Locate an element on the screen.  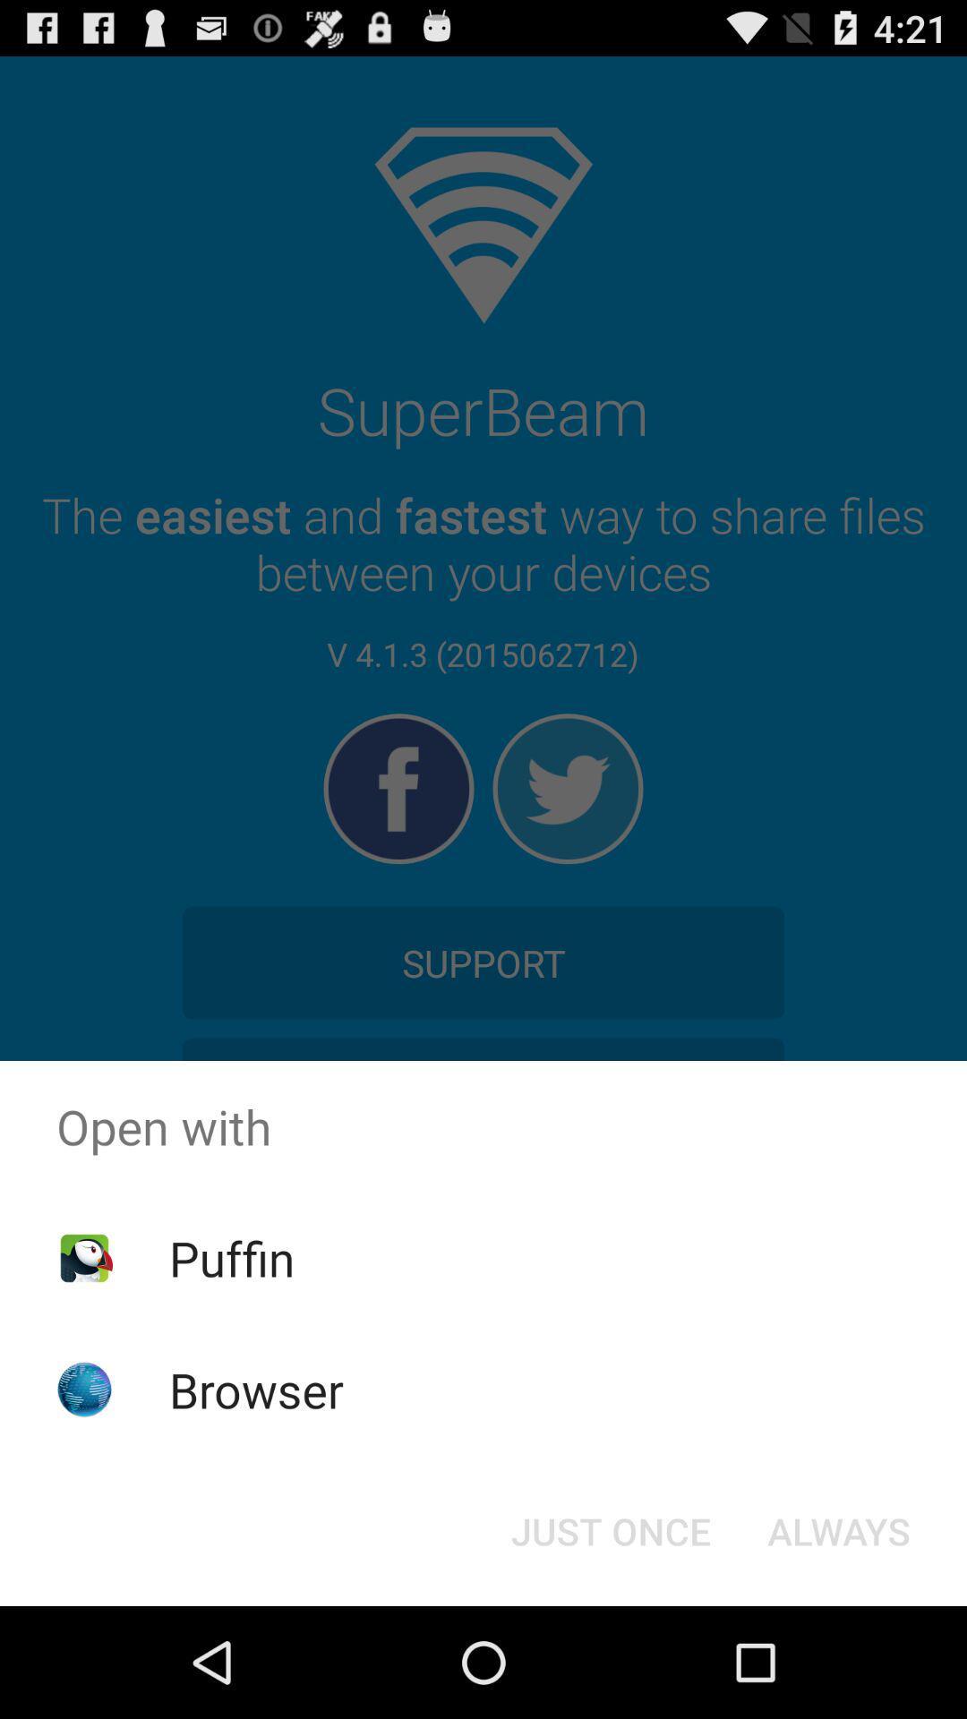
the puffin app is located at coordinates (231, 1257).